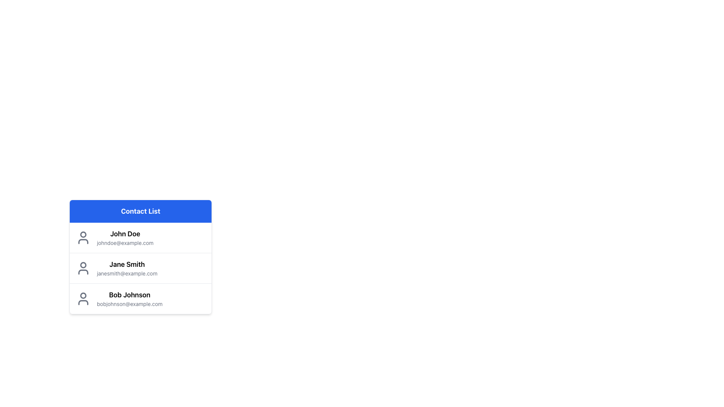  Describe the element at coordinates (83, 234) in the screenshot. I see `the circular part of the user profile icon next to the name 'John Doe' in the contact list` at that location.